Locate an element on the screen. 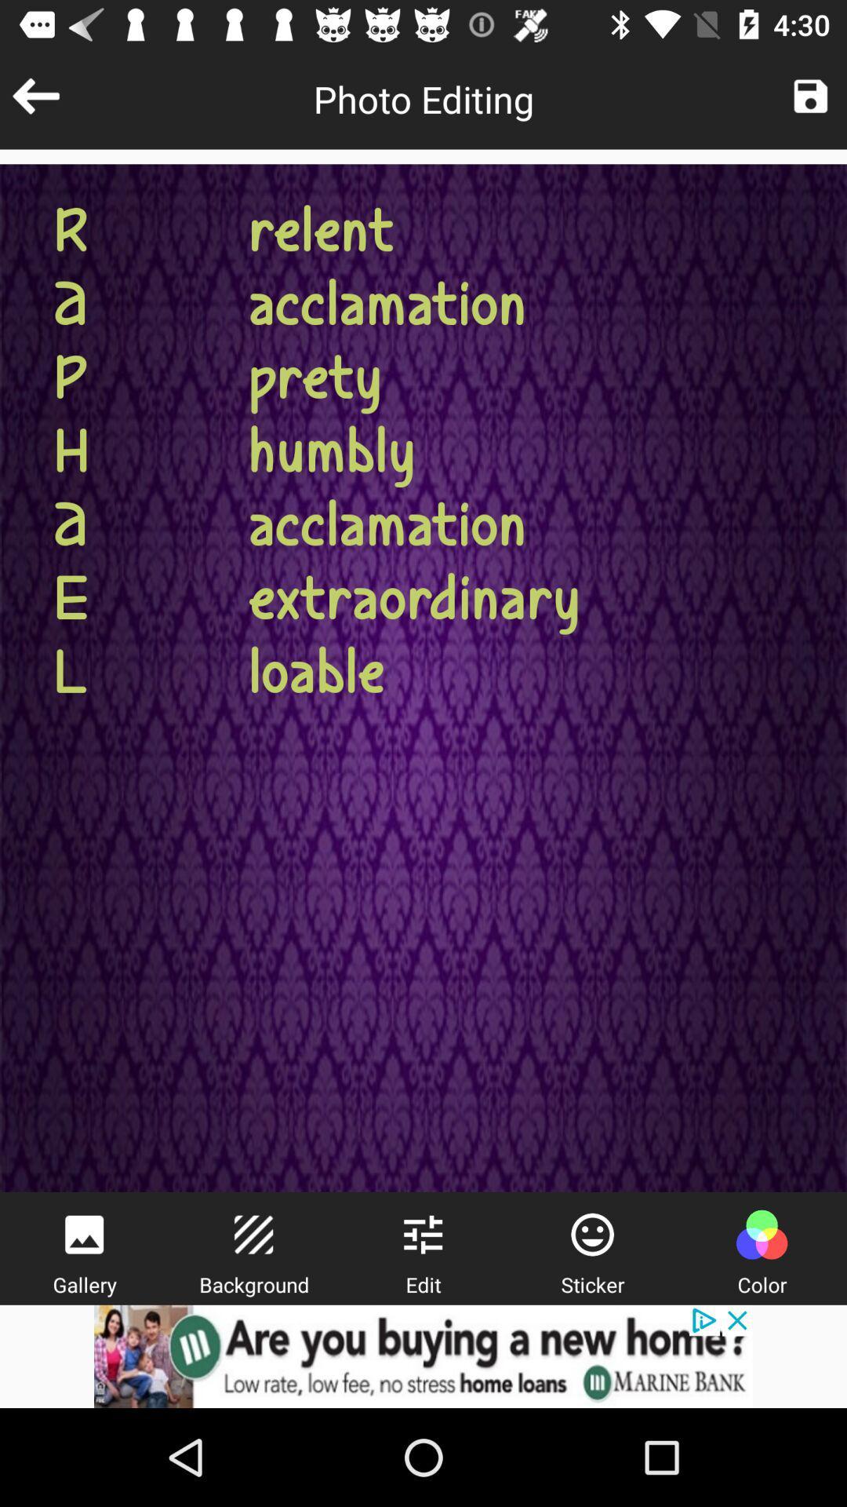 Image resolution: width=847 pixels, height=1507 pixels. edit the photo is located at coordinates (422, 1234).